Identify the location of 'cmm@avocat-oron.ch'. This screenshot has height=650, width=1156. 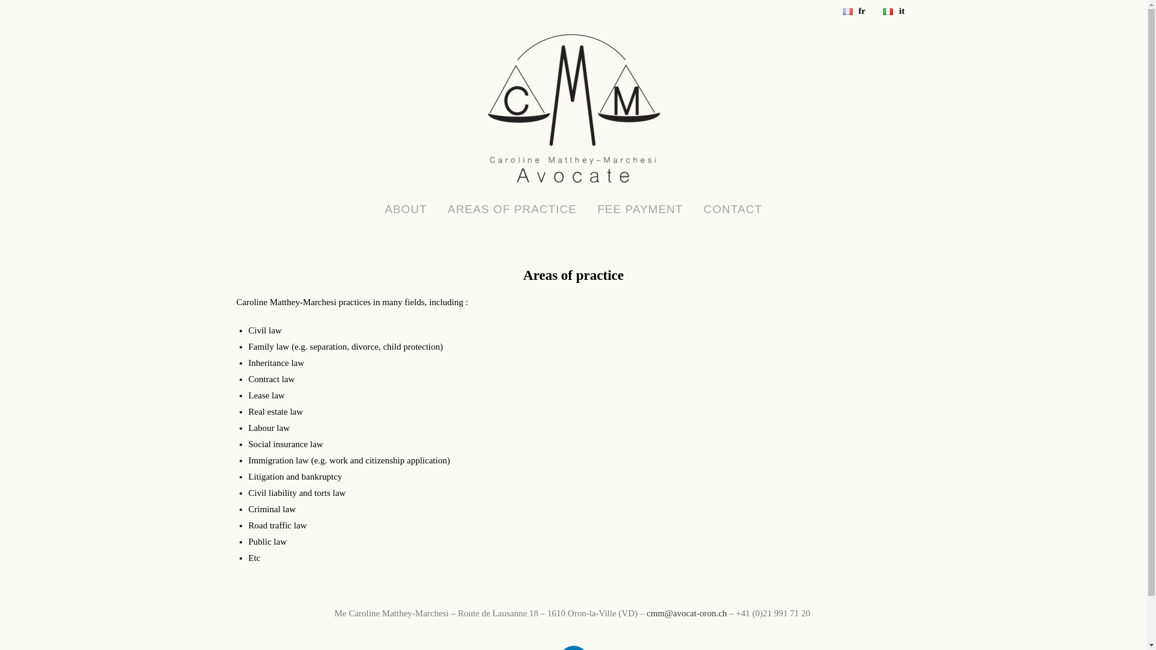
(686, 613).